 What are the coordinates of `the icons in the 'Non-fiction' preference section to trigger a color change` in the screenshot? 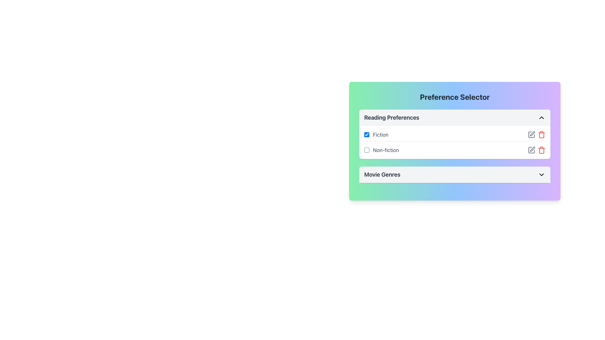 It's located at (536, 150).